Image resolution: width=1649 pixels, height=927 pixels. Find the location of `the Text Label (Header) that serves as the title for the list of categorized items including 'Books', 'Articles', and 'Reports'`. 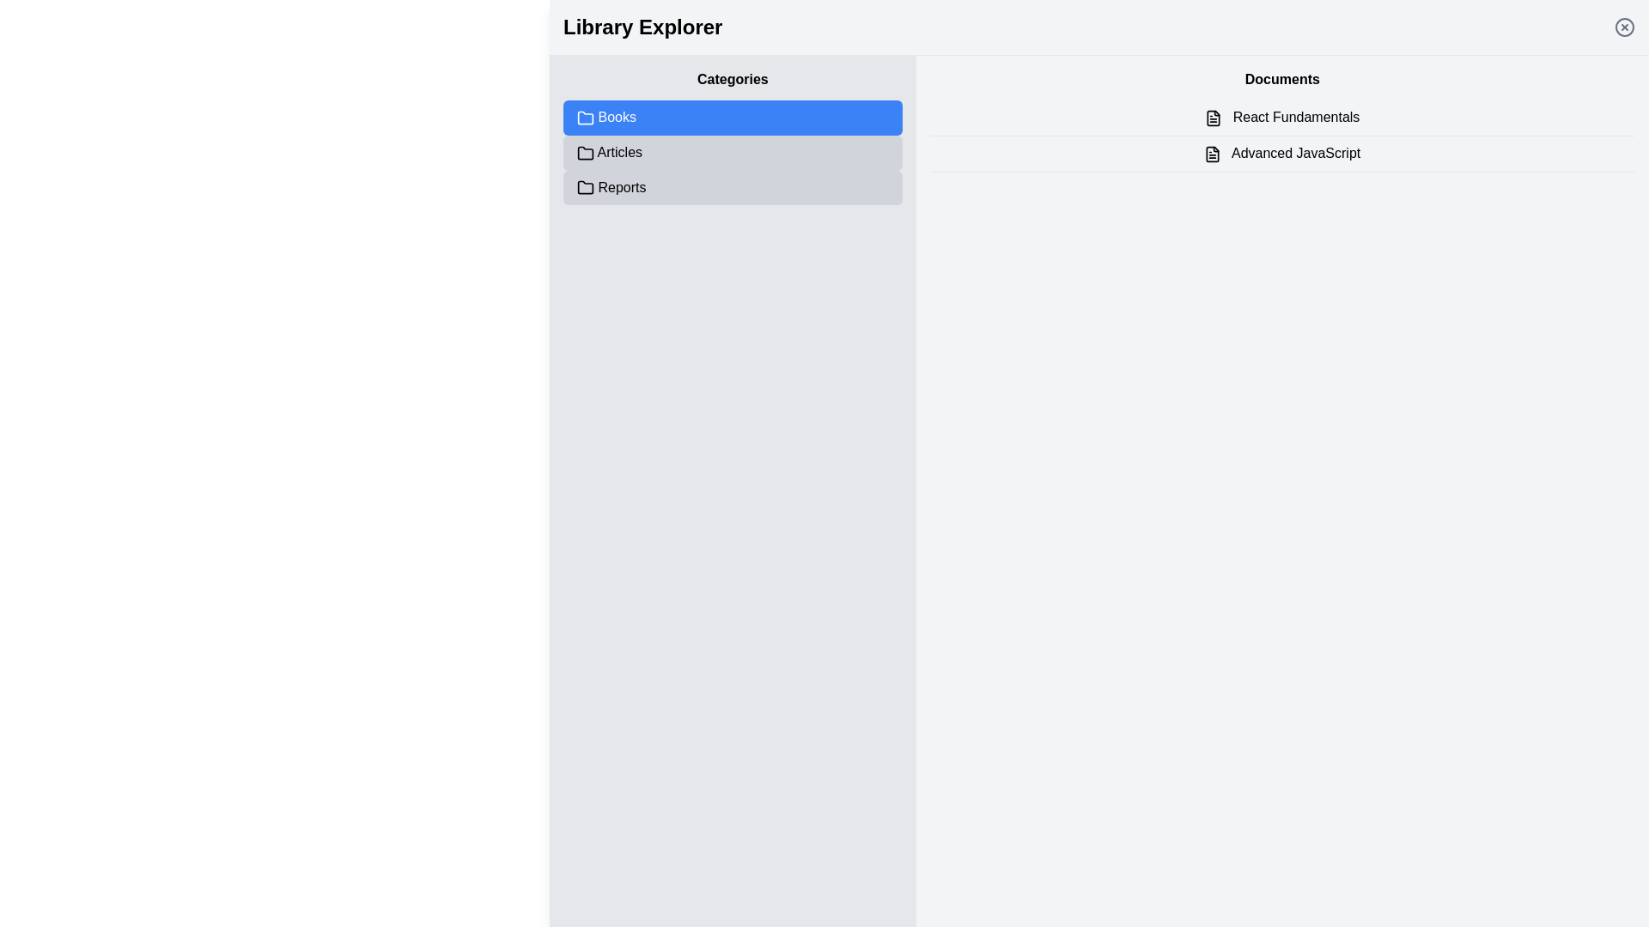

the Text Label (Header) that serves as the title for the list of categorized items including 'Books', 'Articles', and 'Reports' is located at coordinates (733, 79).